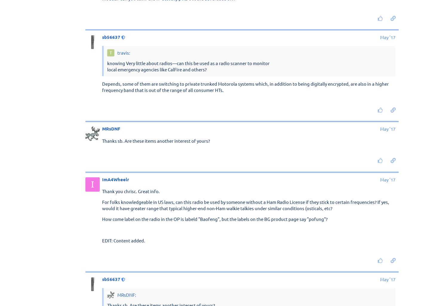  I want to click on 'MRsDNF', so click(111, 128).